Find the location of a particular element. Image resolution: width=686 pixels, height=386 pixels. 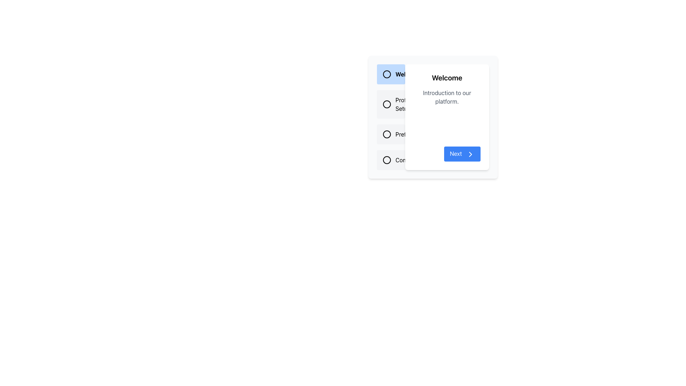

the decorative SVG Circle that is part of the 'Welcome' button, which is located at the top of a vertical list of options on the left side of the interface is located at coordinates (387, 74).